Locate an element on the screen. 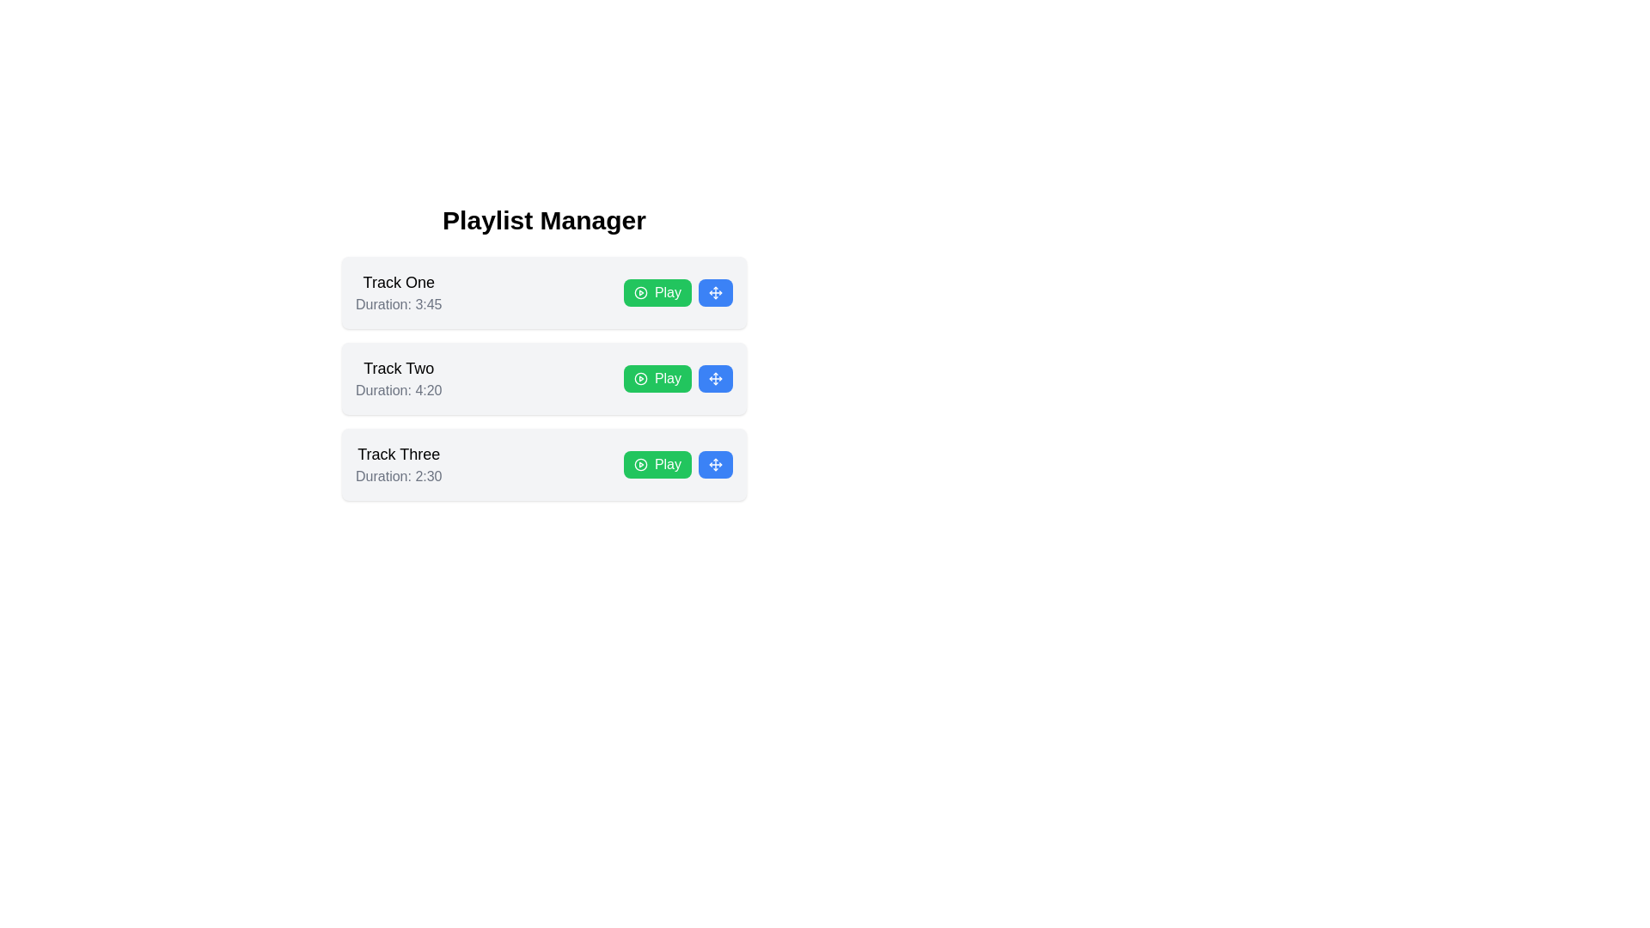  the static text label that serves as the title for the second track in the playlist, located above the text 'Duration: 4:20' is located at coordinates (398, 367).